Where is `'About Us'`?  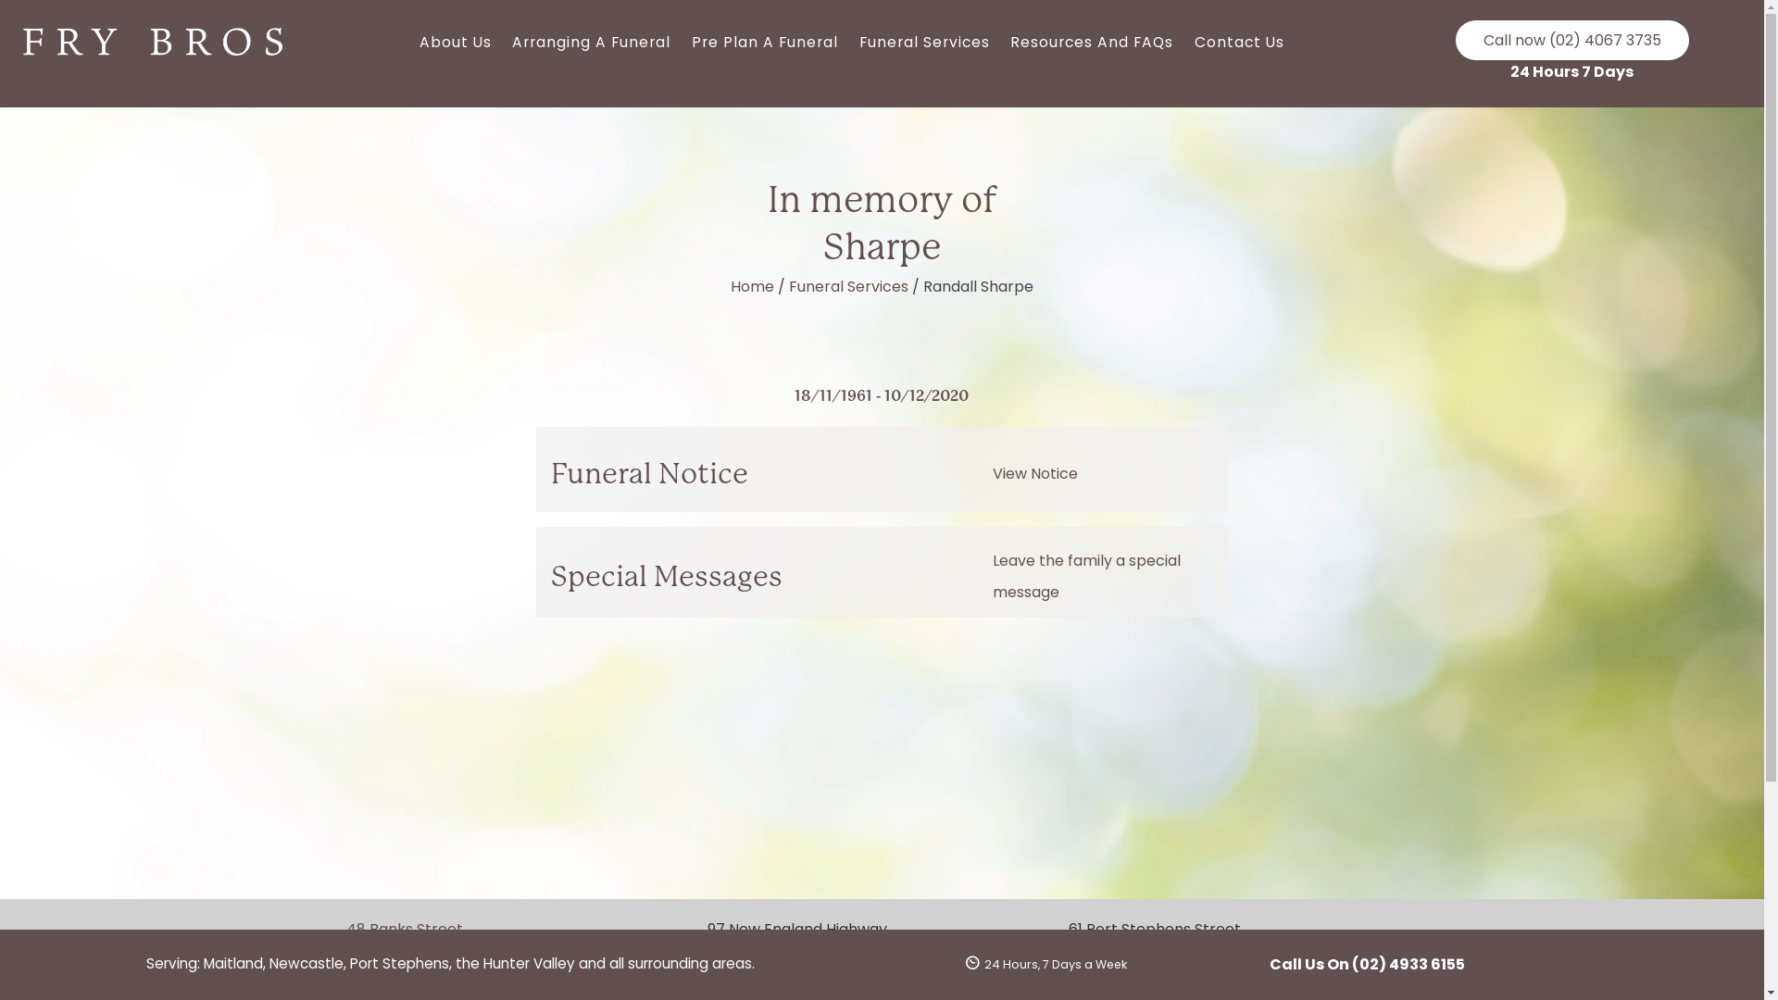
'About Us' is located at coordinates (455, 42).